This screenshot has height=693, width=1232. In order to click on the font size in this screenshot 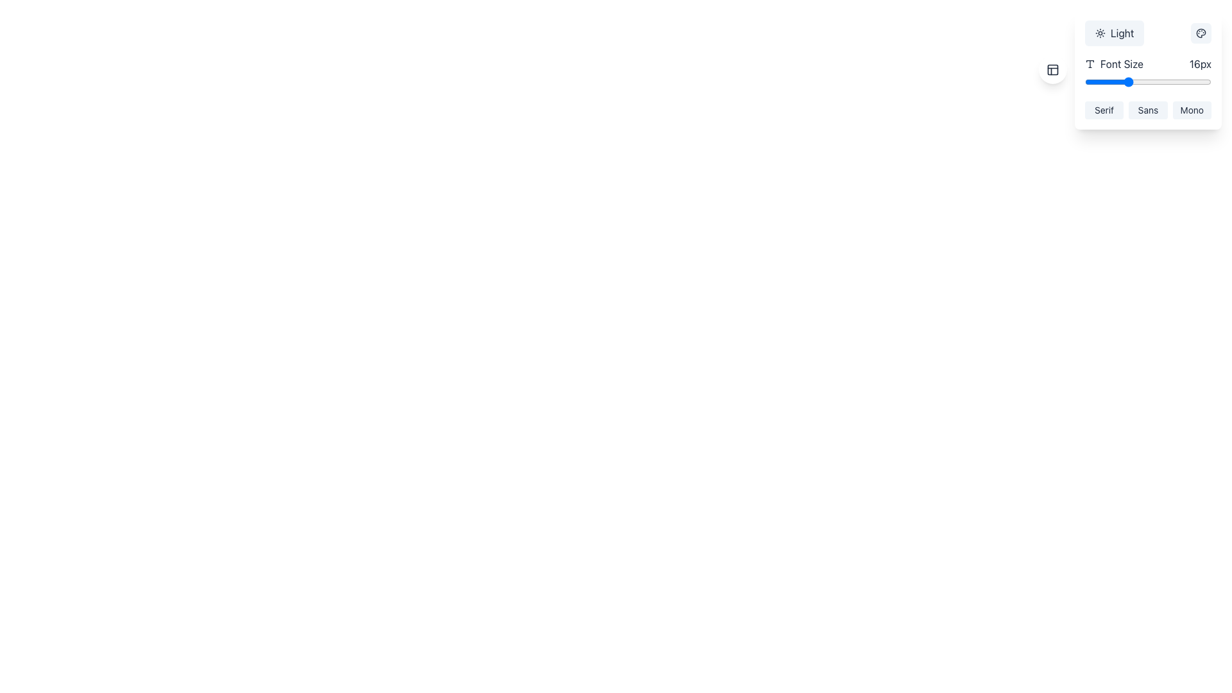, I will do `click(1105, 81)`.